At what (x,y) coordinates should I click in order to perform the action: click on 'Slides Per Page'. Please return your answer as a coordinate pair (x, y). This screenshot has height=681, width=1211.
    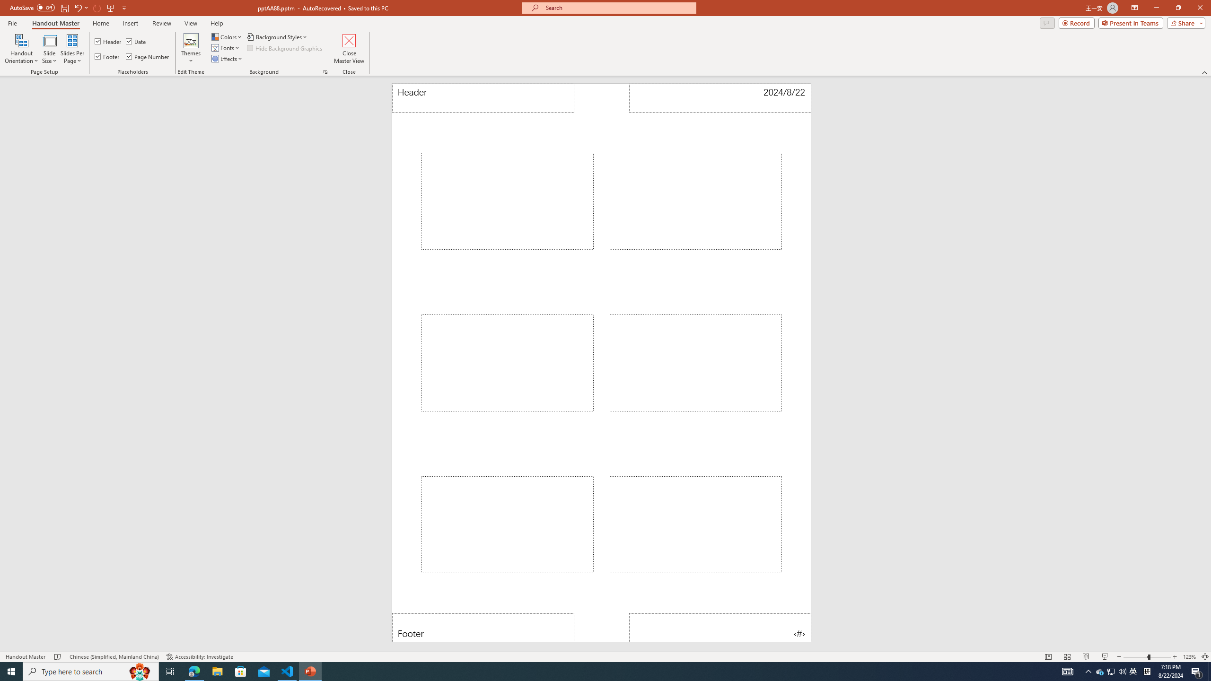
    Looking at the image, I should click on (72, 49).